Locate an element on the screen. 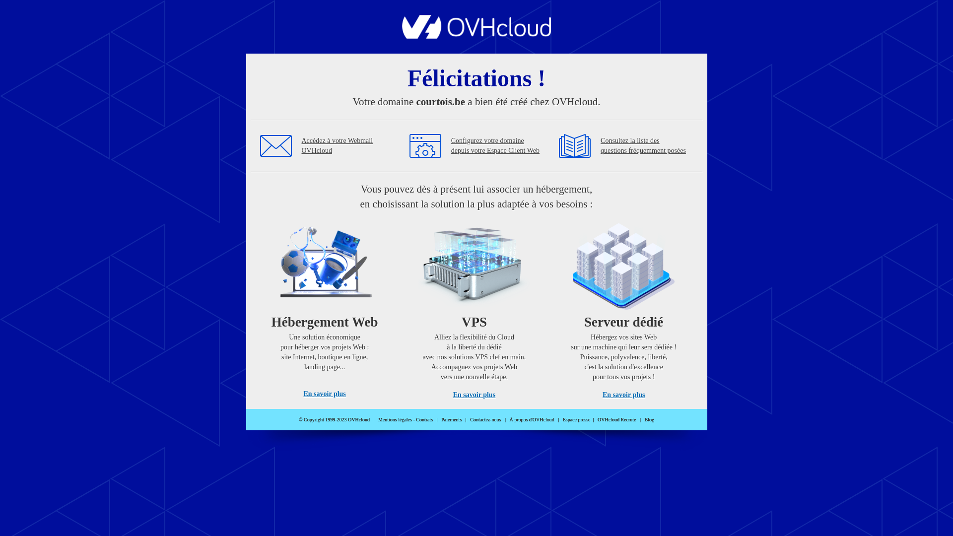  'En savoir plus' is located at coordinates (324, 393).